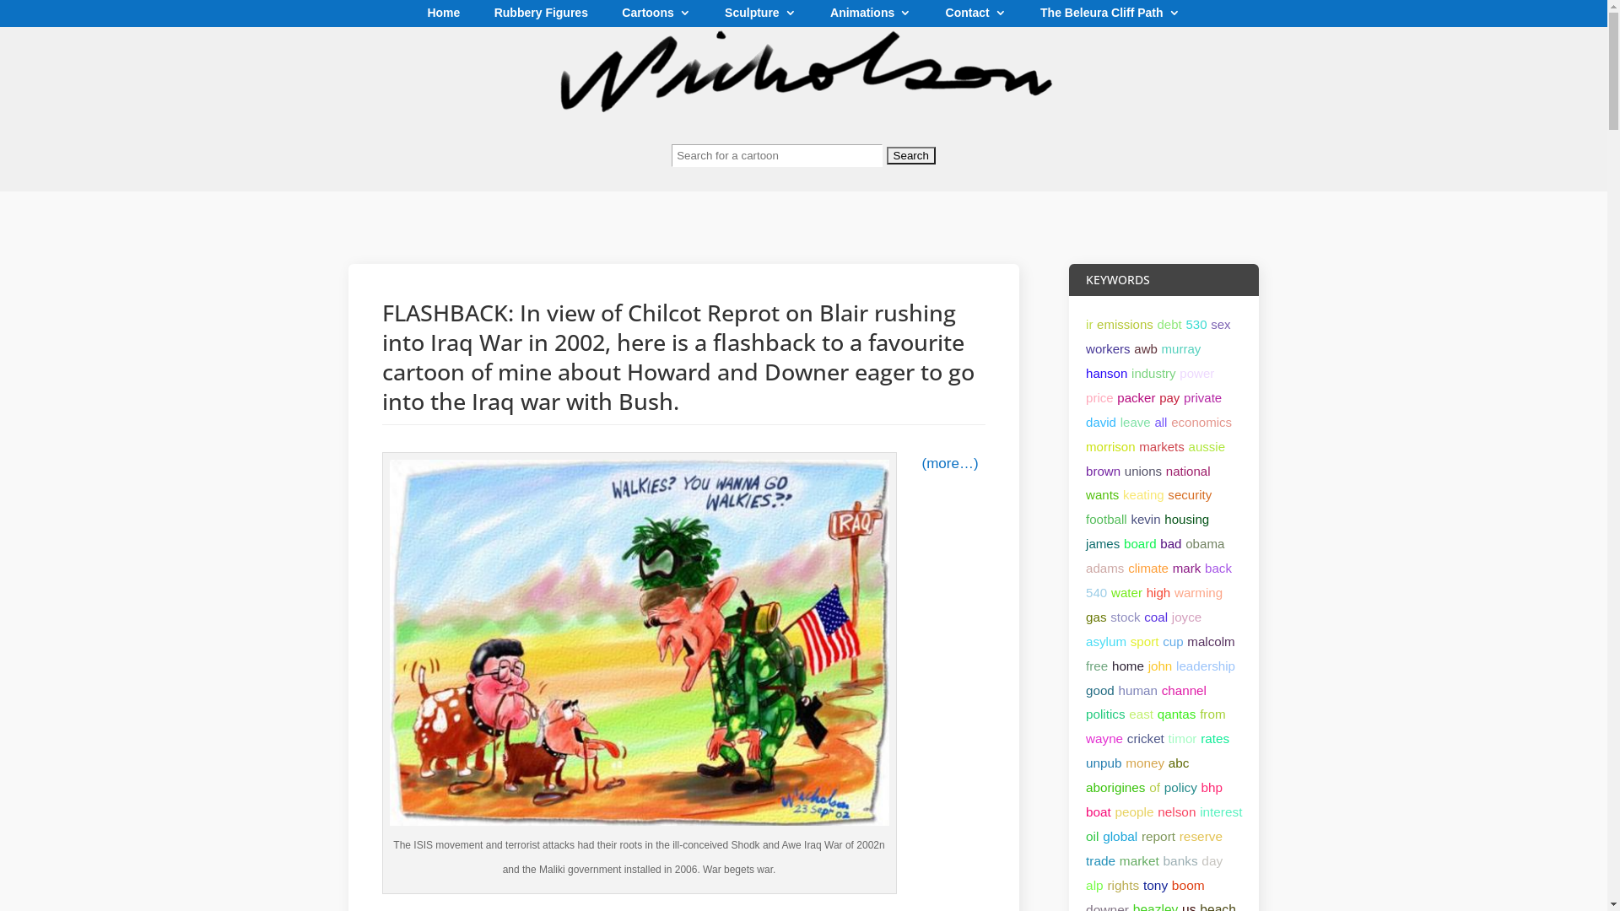  What do you see at coordinates (1201, 421) in the screenshot?
I see `'economics'` at bounding box center [1201, 421].